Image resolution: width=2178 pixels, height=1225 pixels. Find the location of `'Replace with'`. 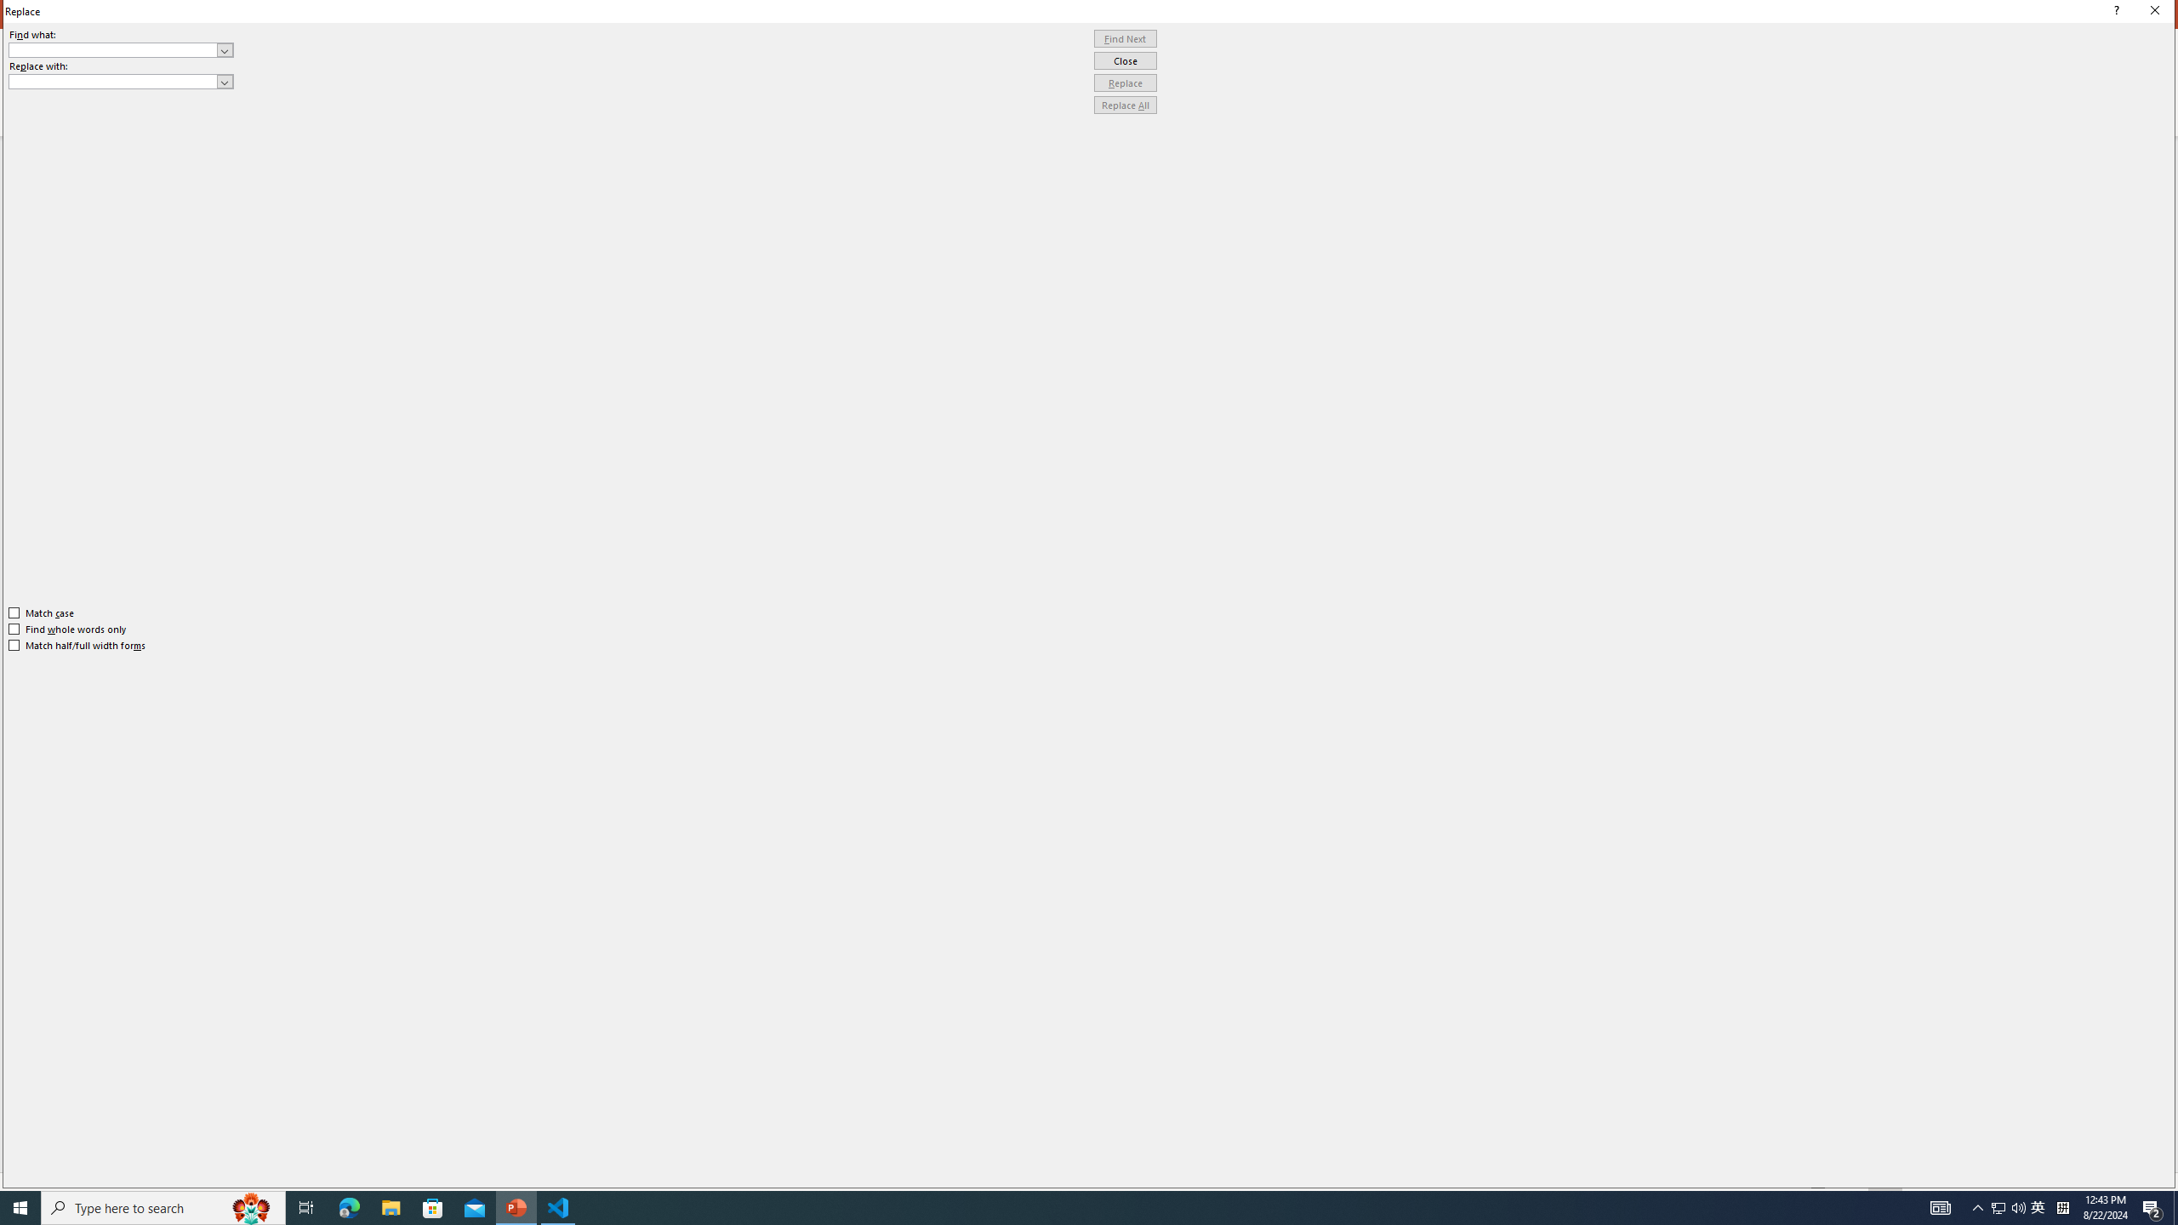

'Replace with' is located at coordinates (113, 81).